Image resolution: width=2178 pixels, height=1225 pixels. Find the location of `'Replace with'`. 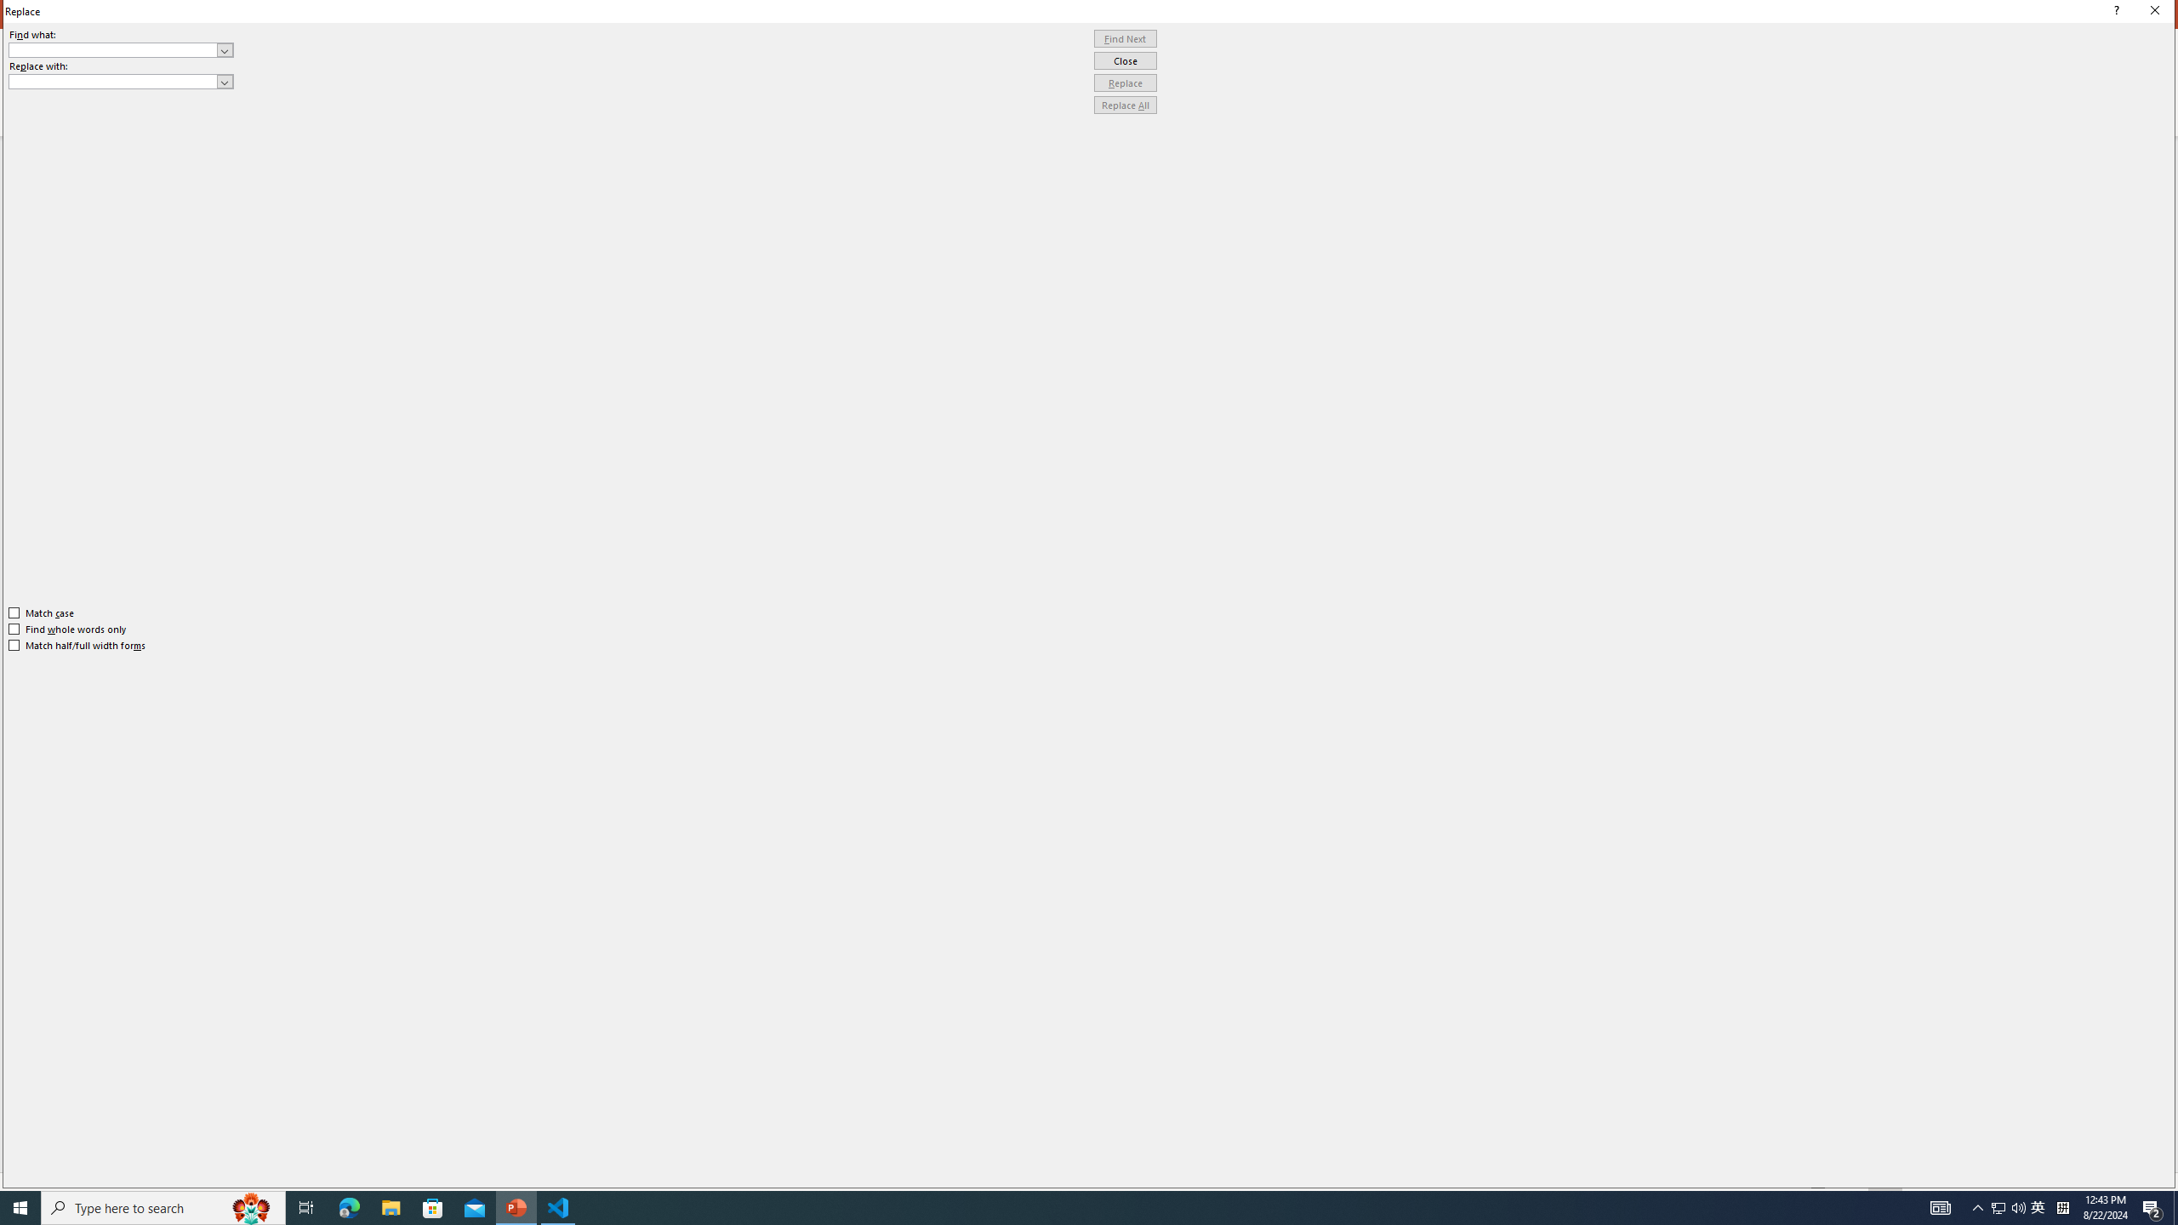

'Replace with' is located at coordinates (113, 81).